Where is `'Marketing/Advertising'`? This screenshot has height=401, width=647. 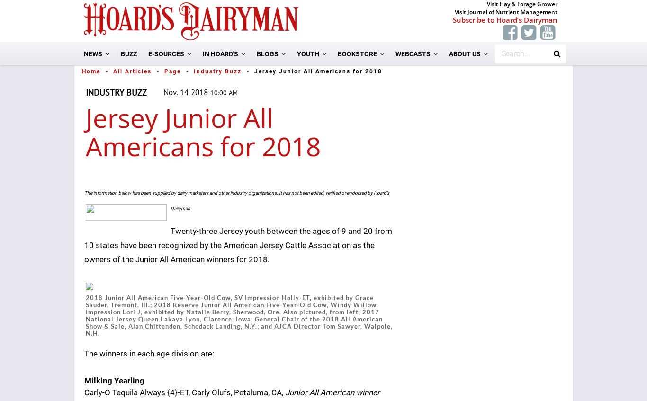
'Marketing/Advertising' is located at coordinates (497, 143).